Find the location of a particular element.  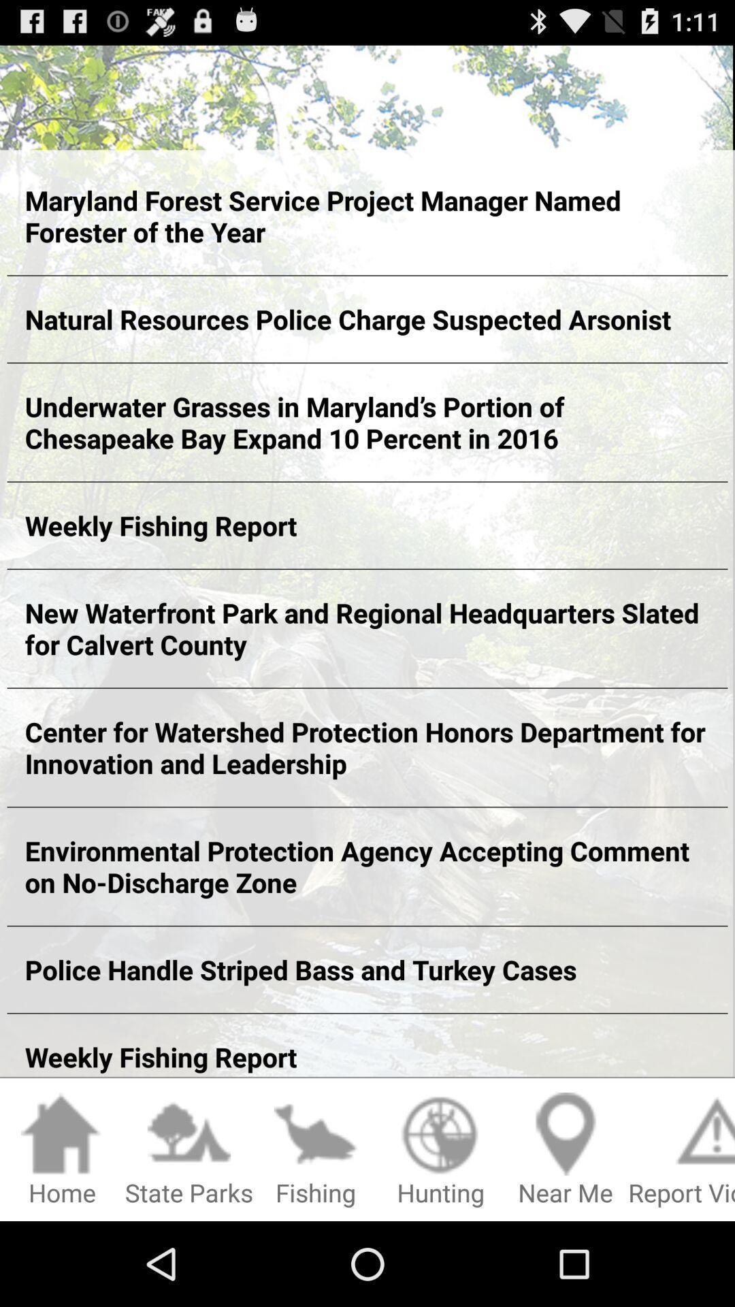

icon below the weekly fishing report is located at coordinates (681, 1150).